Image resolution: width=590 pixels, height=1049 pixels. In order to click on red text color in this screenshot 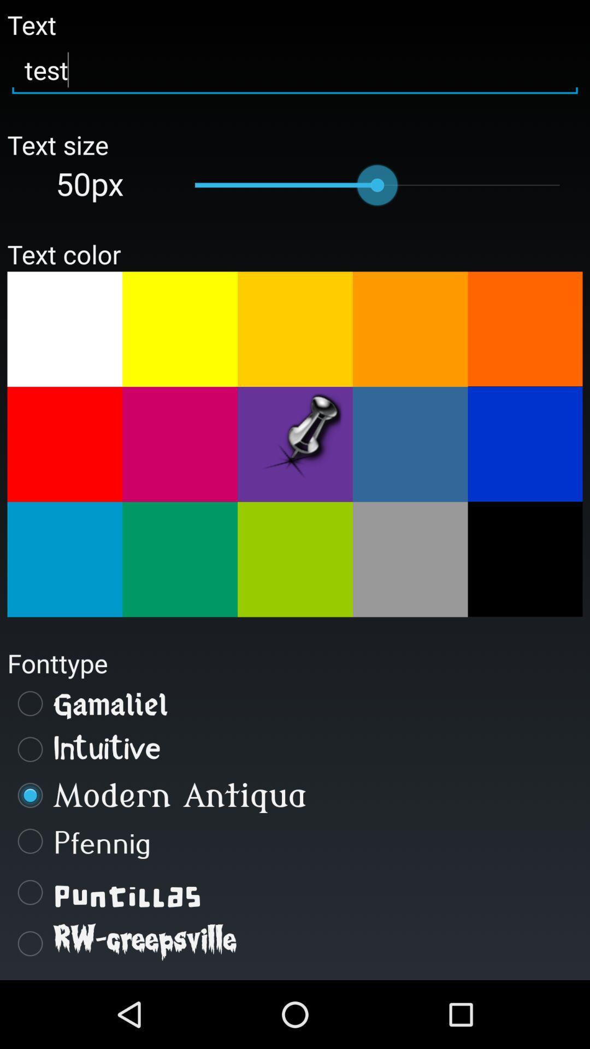, I will do `click(64, 444)`.